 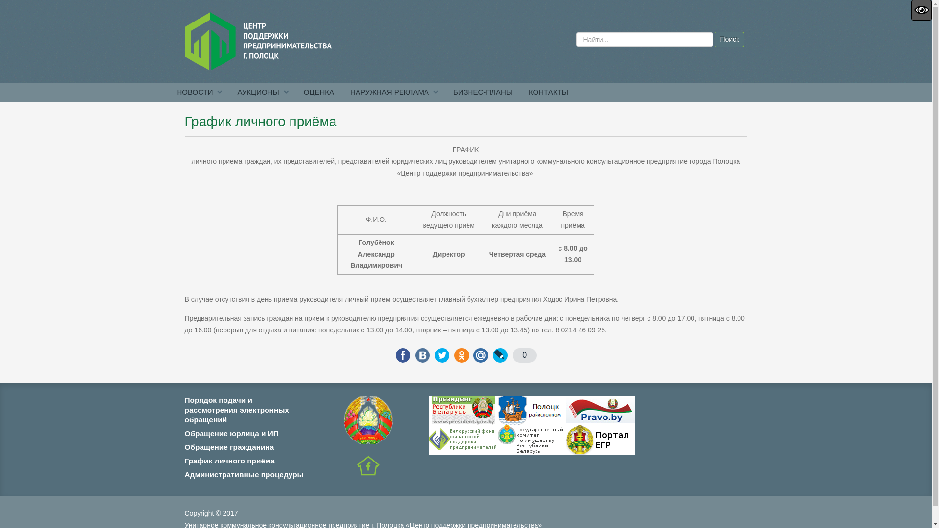 I want to click on 'Twitter', so click(x=441, y=355).